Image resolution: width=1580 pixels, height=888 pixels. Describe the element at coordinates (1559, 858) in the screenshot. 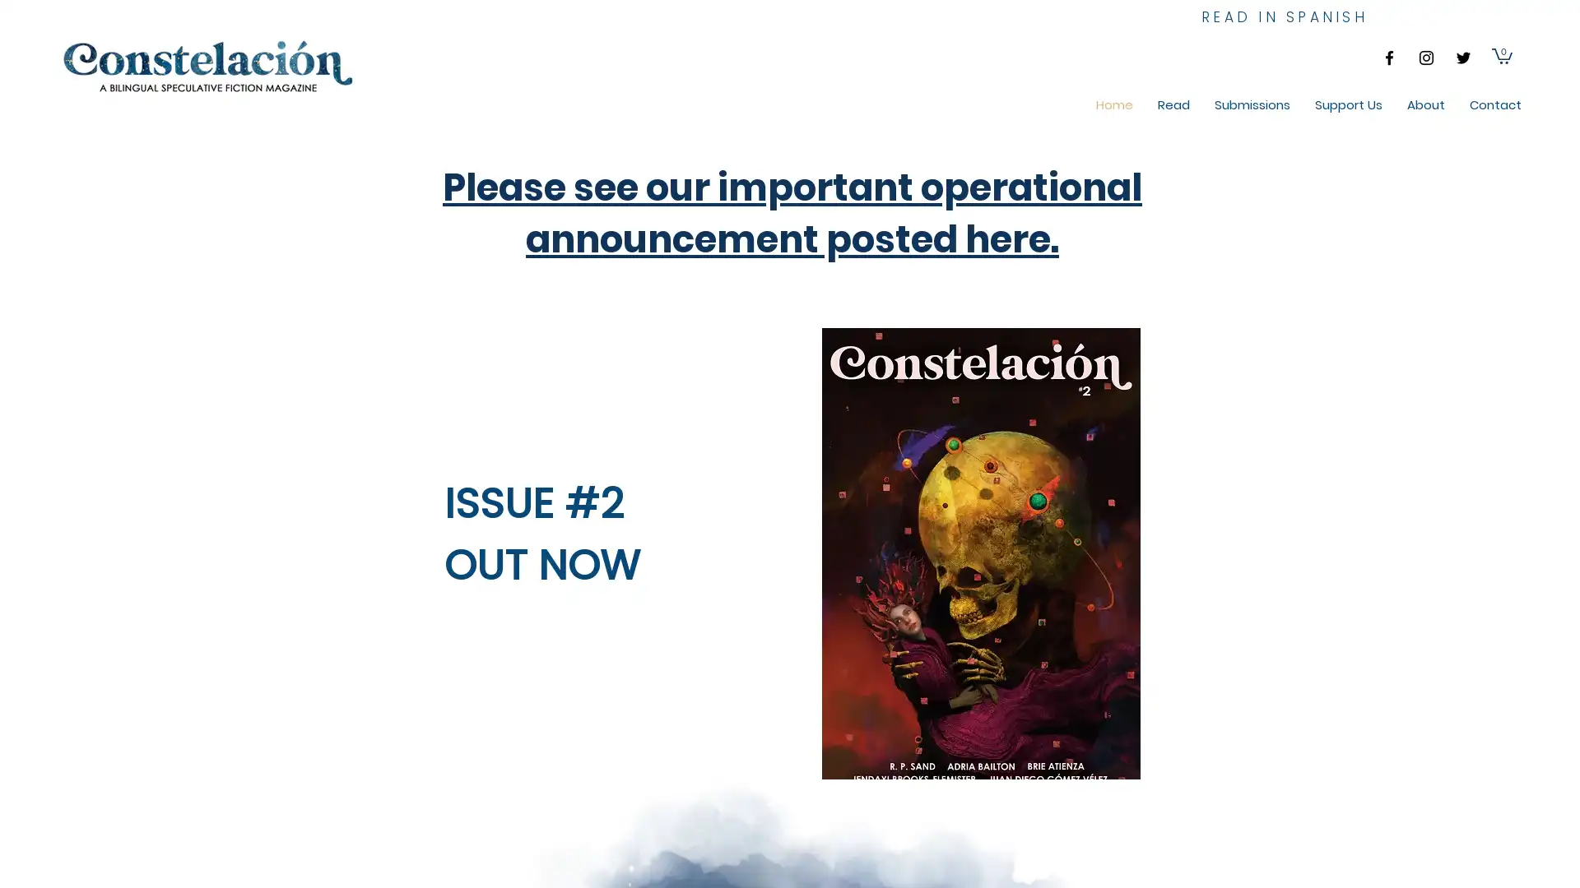

I see `Close` at that location.